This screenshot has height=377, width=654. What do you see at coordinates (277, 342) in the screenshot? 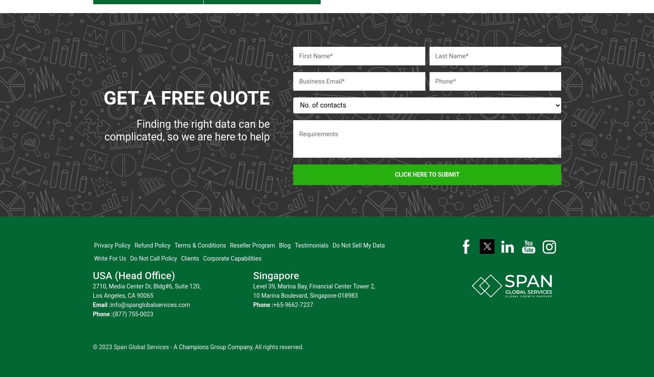
I see `', All rights reserved.'` at bounding box center [277, 342].